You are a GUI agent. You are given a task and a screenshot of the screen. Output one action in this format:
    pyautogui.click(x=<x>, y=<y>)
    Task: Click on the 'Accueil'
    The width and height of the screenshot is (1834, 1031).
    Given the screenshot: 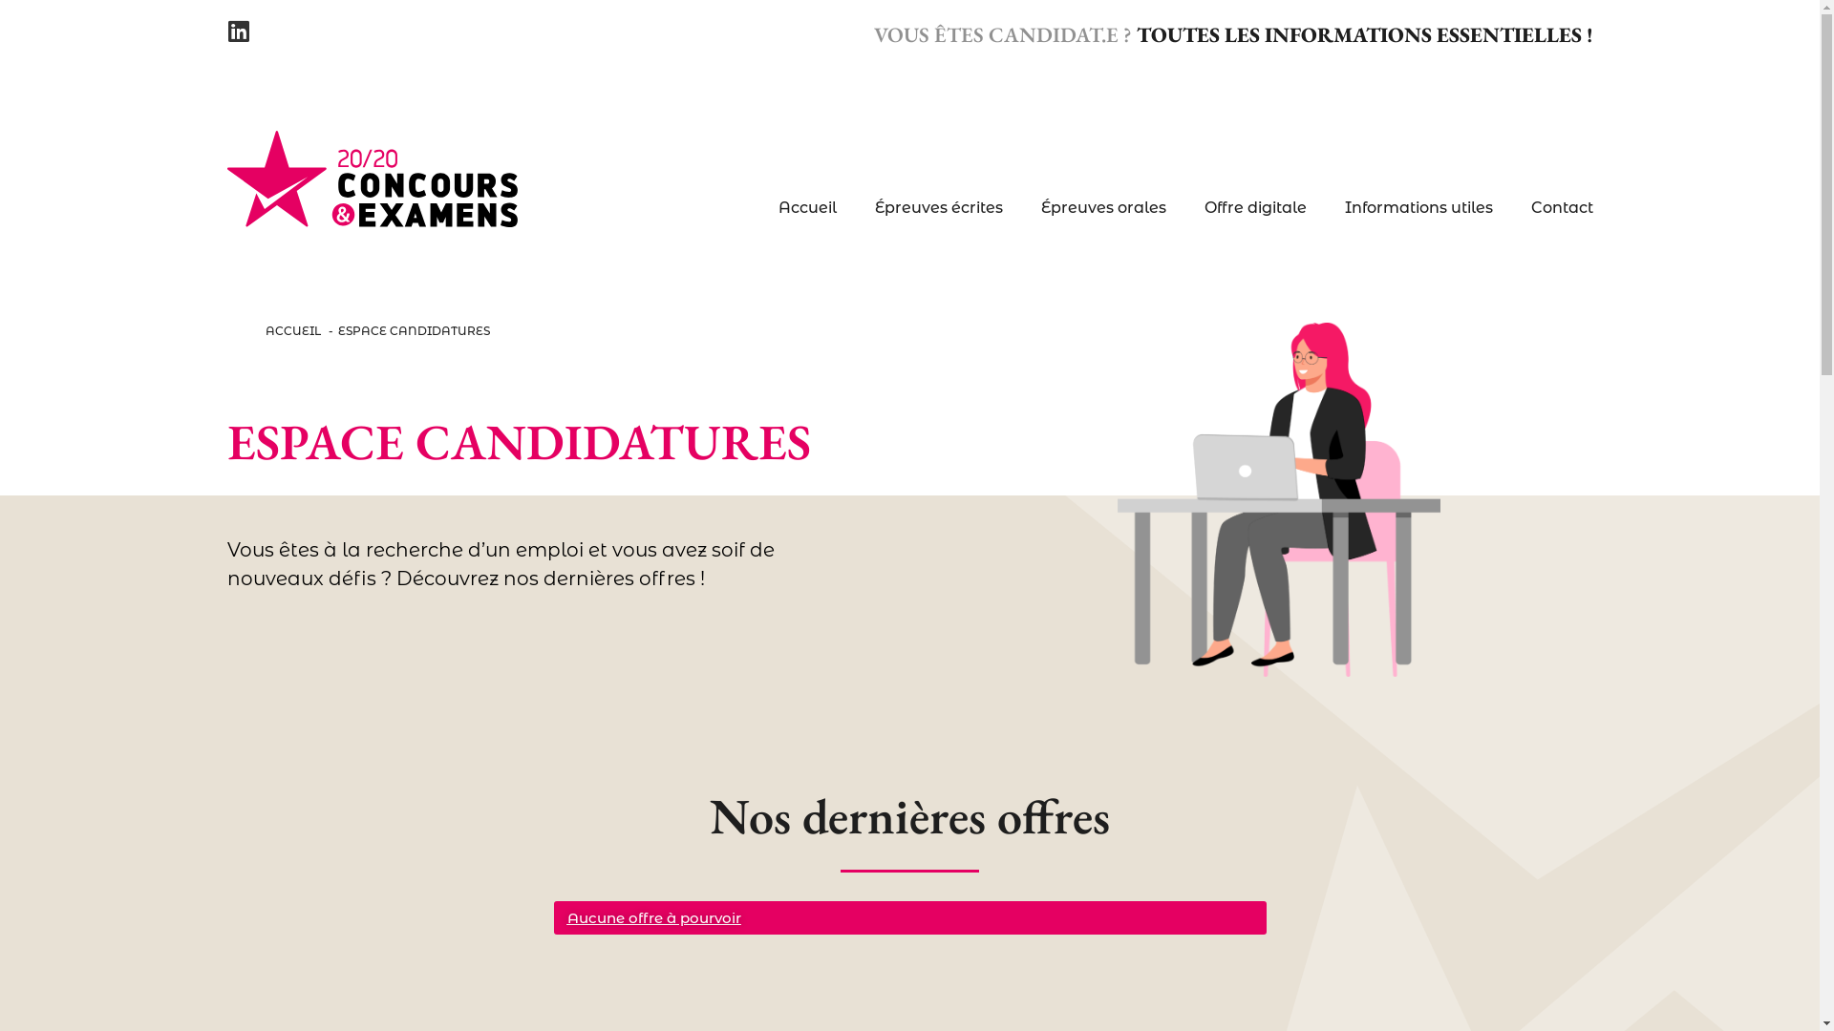 What is the action you would take?
    pyautogui.click(x=806, y=208)
    